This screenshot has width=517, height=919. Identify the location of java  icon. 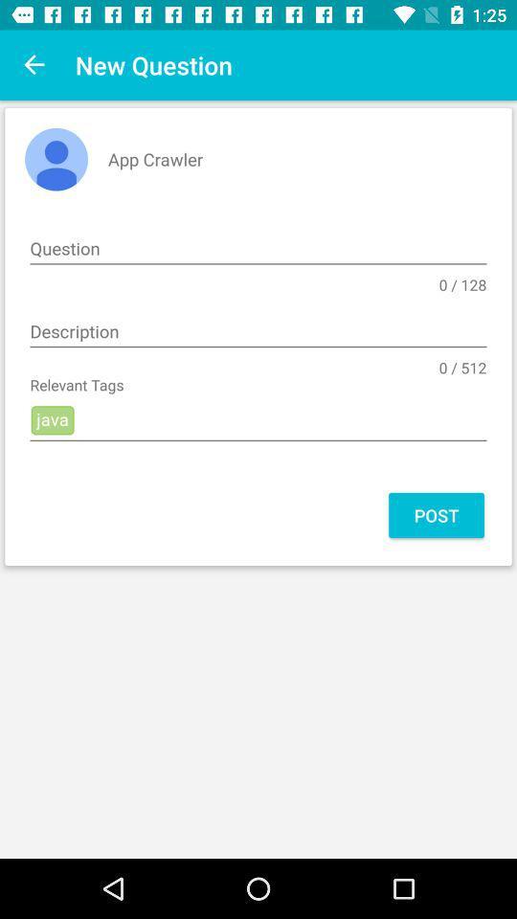
(258, 420).